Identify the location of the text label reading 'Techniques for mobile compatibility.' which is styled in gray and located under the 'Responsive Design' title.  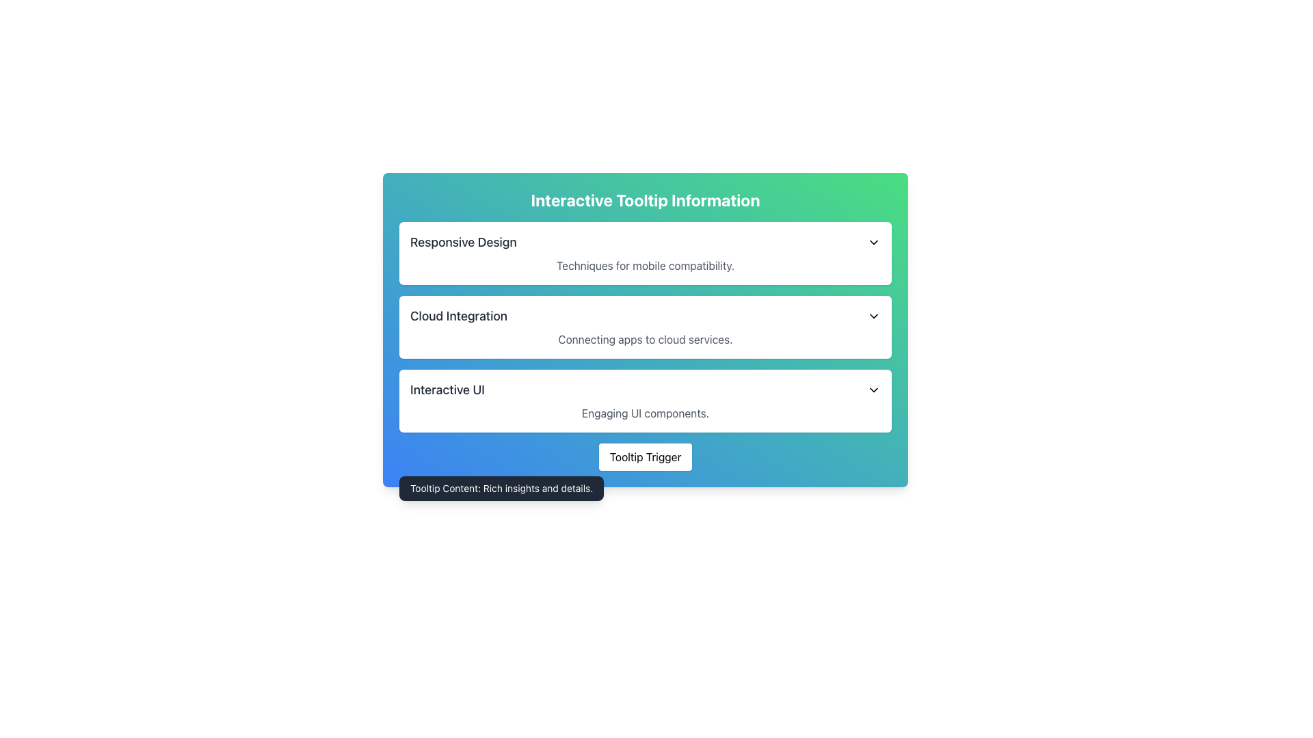
(645, 266).